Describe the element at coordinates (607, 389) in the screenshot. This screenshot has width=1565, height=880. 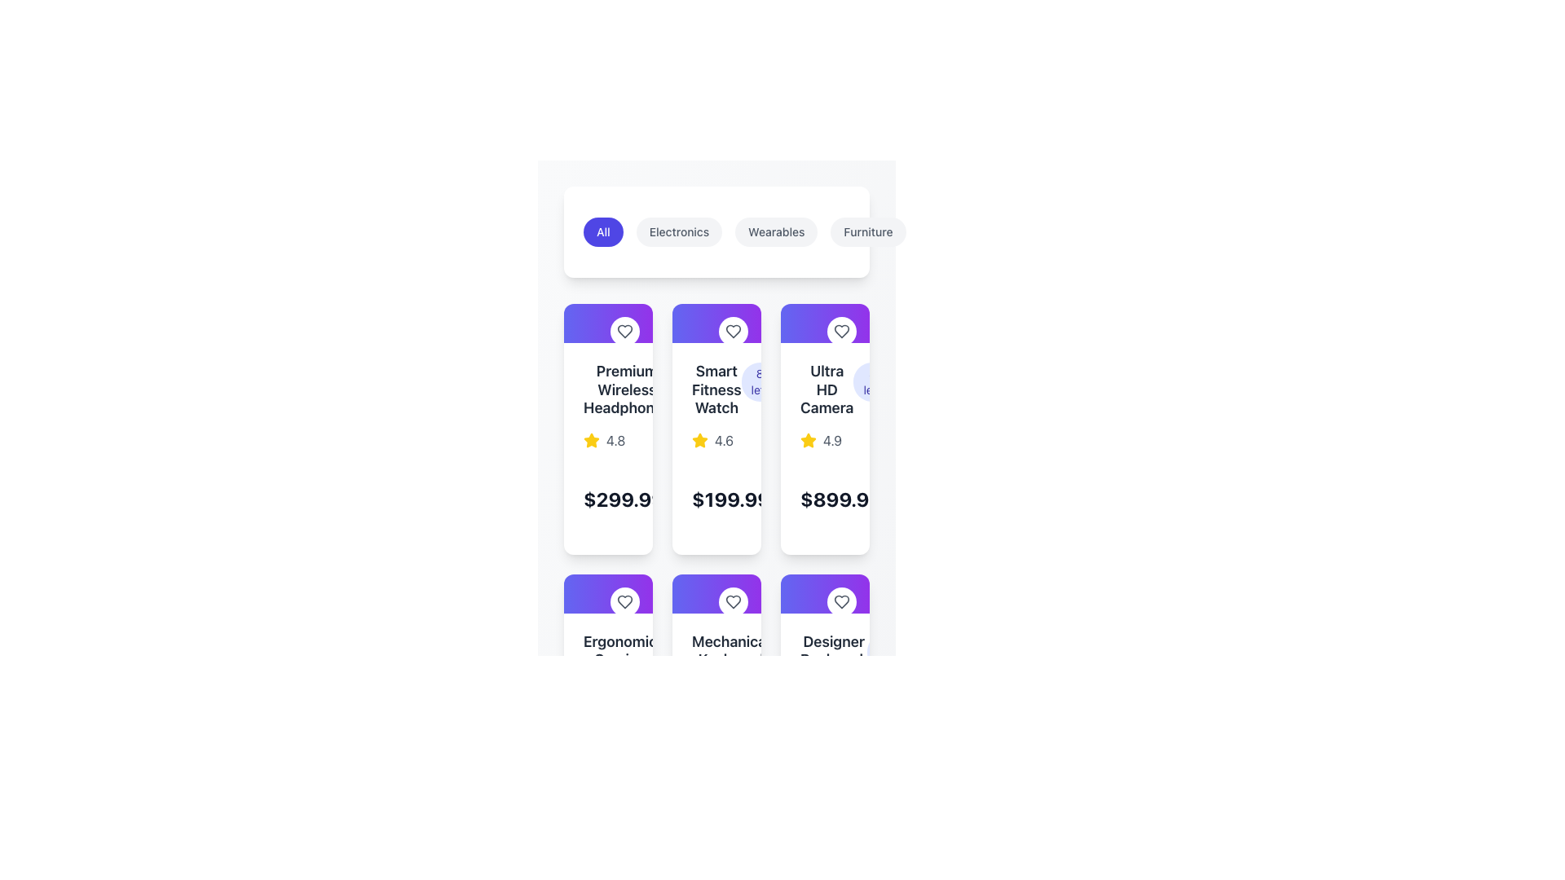
I see `on the product name text element located at the top of the leftmost product card, which indicates the product name and its availability in stock` at that location.